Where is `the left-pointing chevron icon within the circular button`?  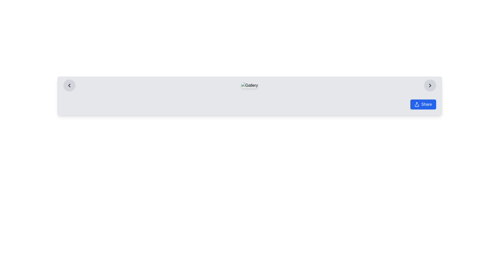 the left-pointing chevron icon within the circular button is located at coordinates (69, 85).